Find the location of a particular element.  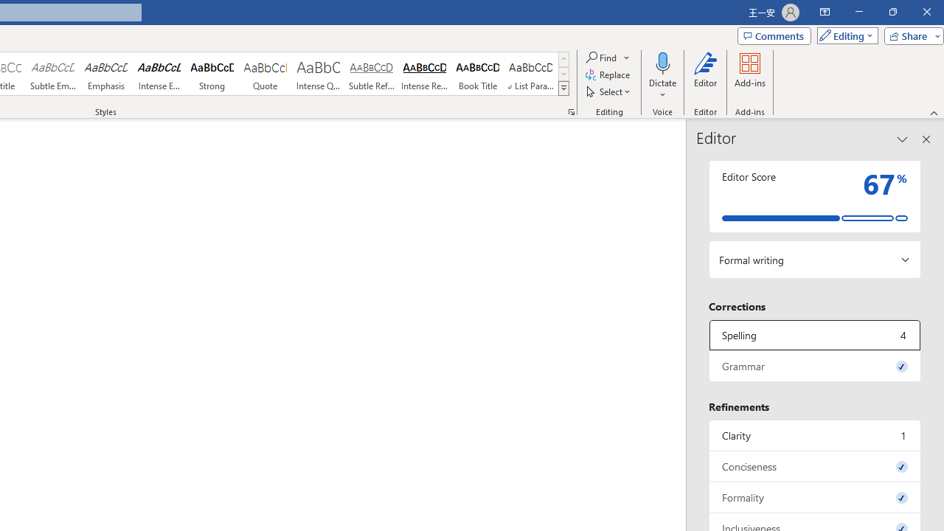

'Clarity, 1 issue. Press space or enter to review items.' is located at coordinates (814, 434).